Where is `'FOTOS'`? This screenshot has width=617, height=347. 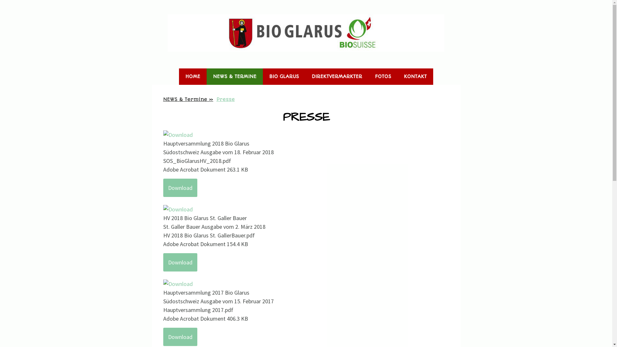 'FOTOS' is located at coordinates (383, 76).